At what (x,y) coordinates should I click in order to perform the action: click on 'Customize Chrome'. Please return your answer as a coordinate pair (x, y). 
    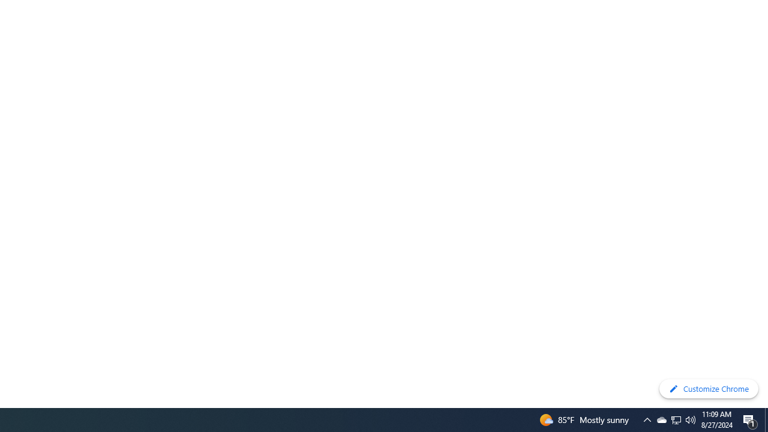
    Looking at the image, I should click on (709, 389).